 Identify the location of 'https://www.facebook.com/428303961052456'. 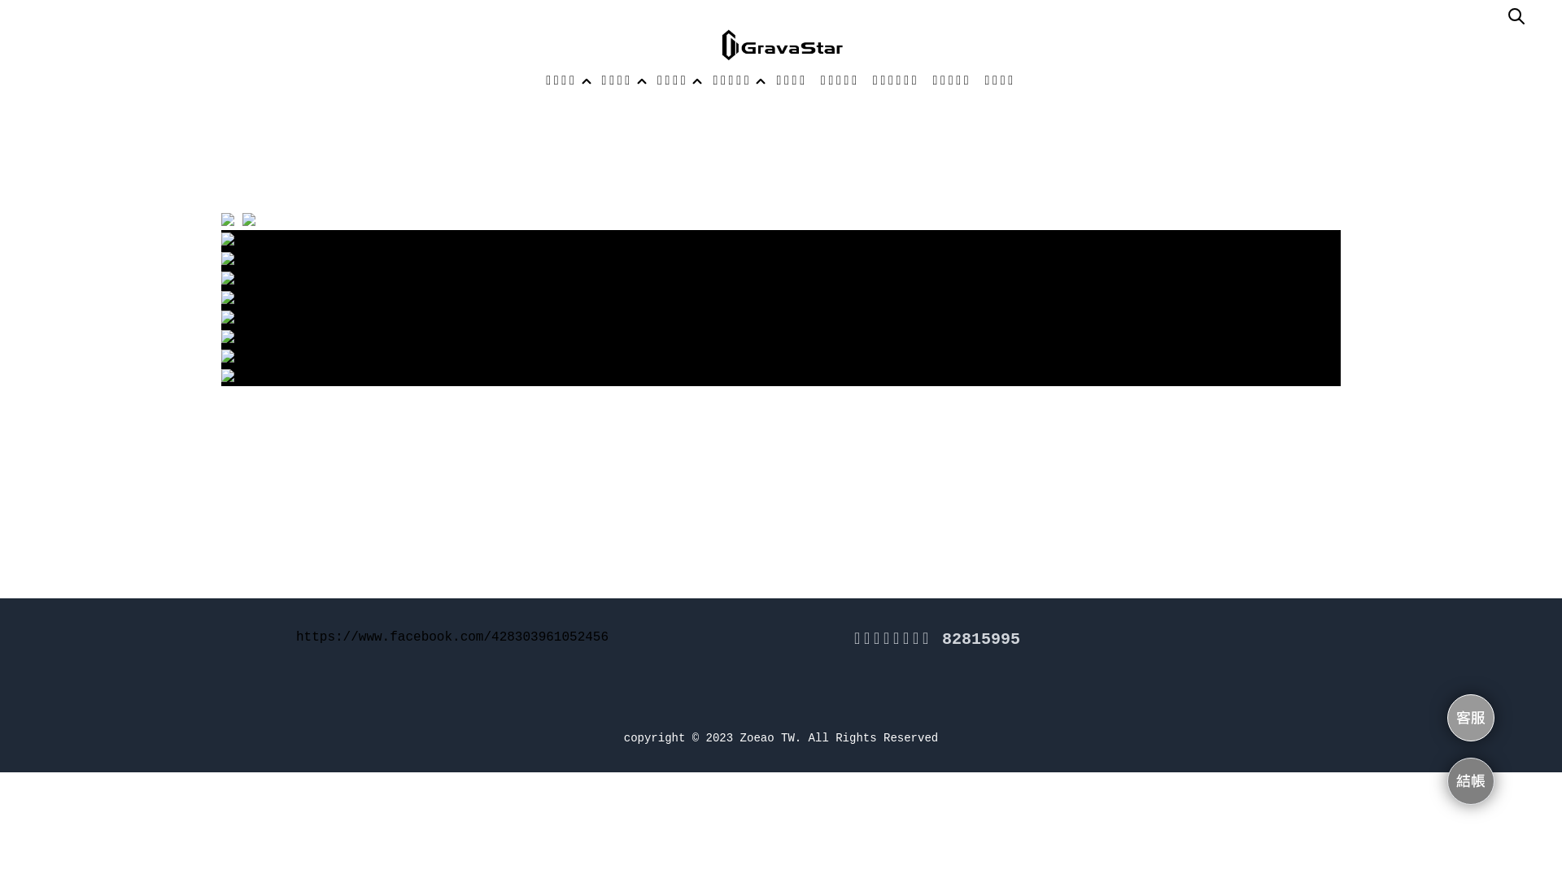
(452, 636).